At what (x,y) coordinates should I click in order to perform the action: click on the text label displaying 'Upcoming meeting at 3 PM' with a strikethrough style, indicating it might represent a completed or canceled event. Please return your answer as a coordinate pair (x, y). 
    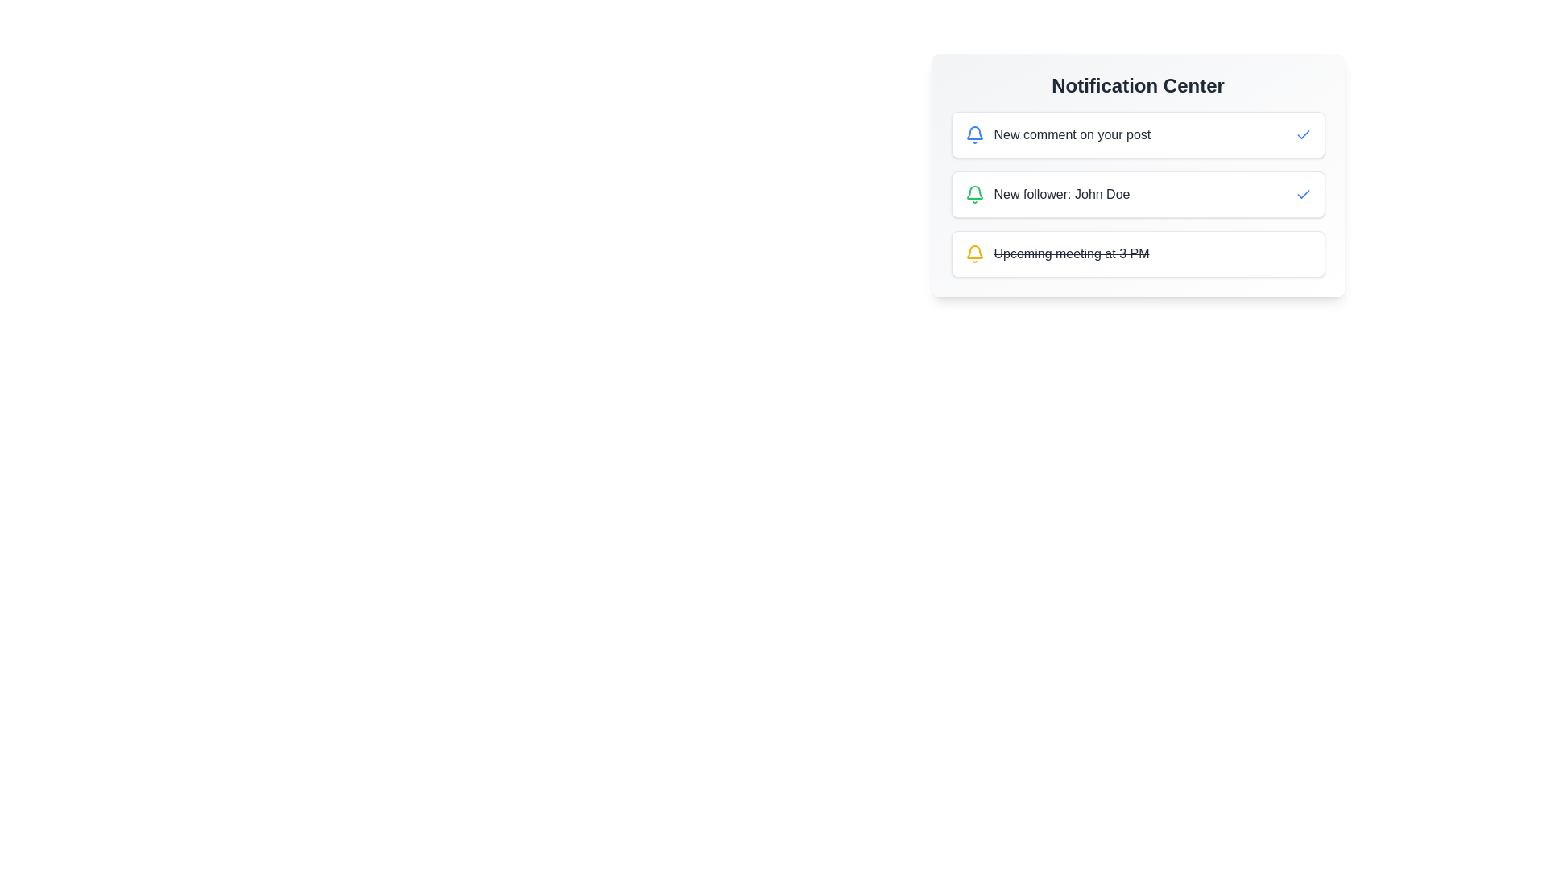
    Looking at the image, I should click on (1071, 253).